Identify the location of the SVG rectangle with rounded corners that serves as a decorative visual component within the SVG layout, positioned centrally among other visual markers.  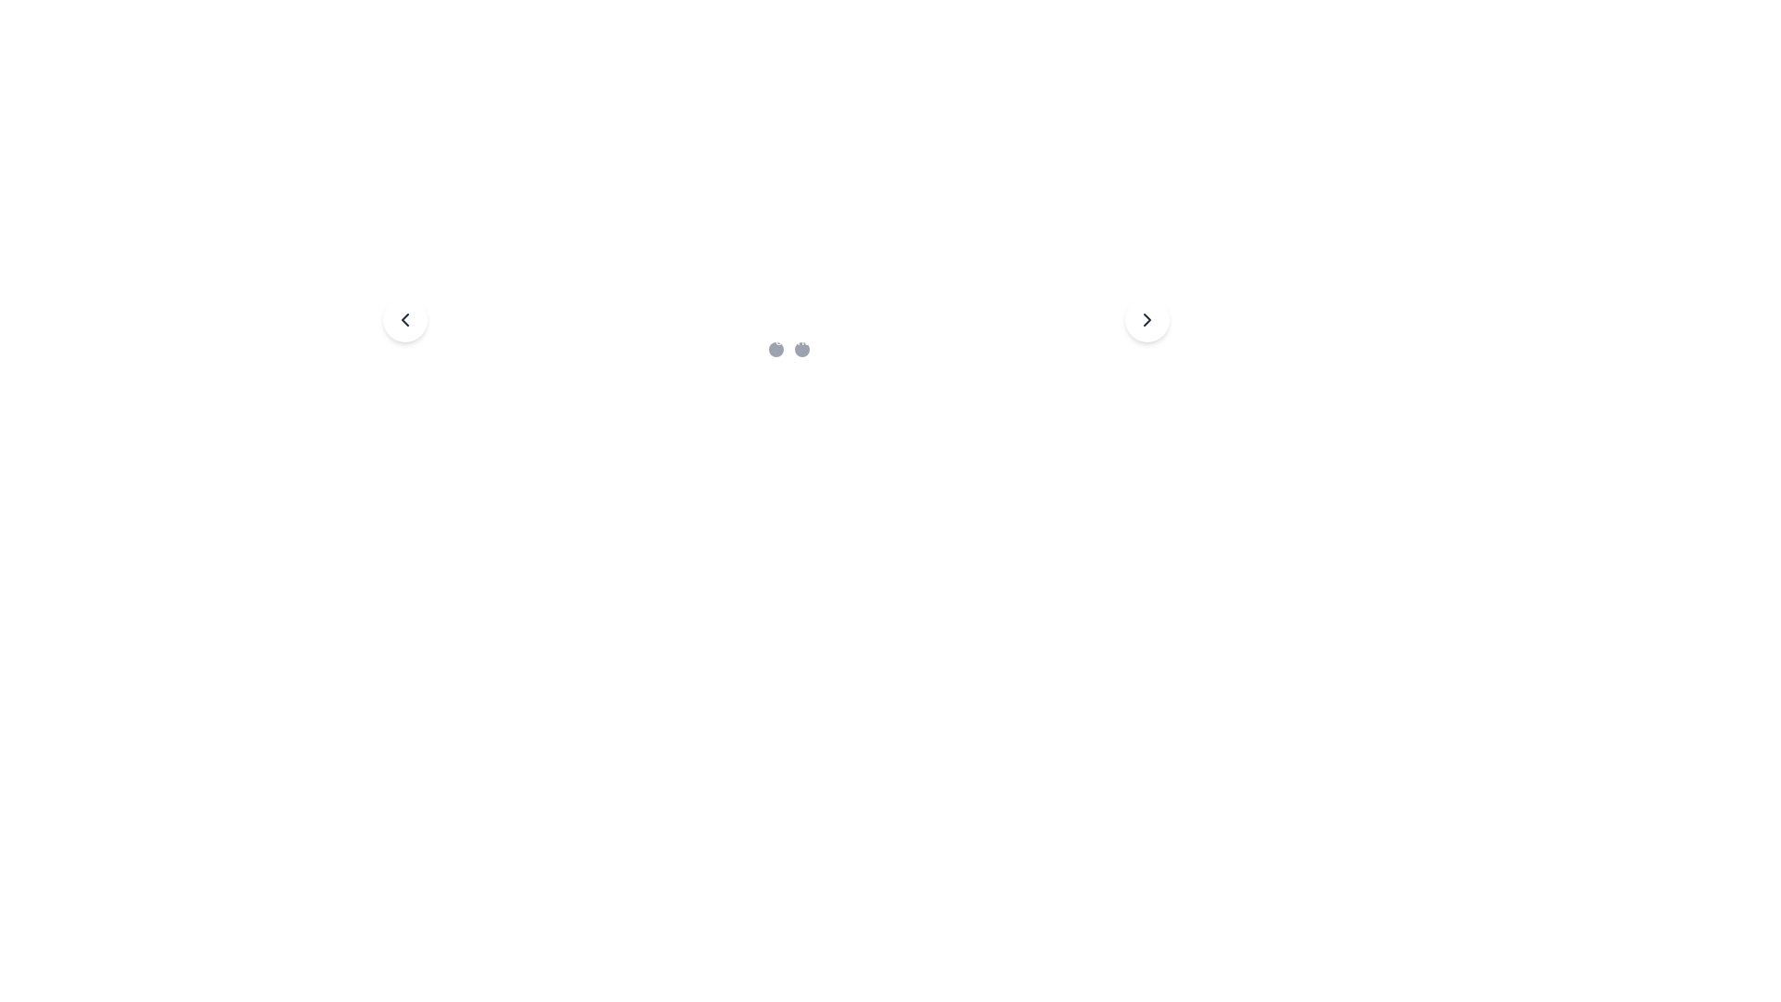
(750, 300).